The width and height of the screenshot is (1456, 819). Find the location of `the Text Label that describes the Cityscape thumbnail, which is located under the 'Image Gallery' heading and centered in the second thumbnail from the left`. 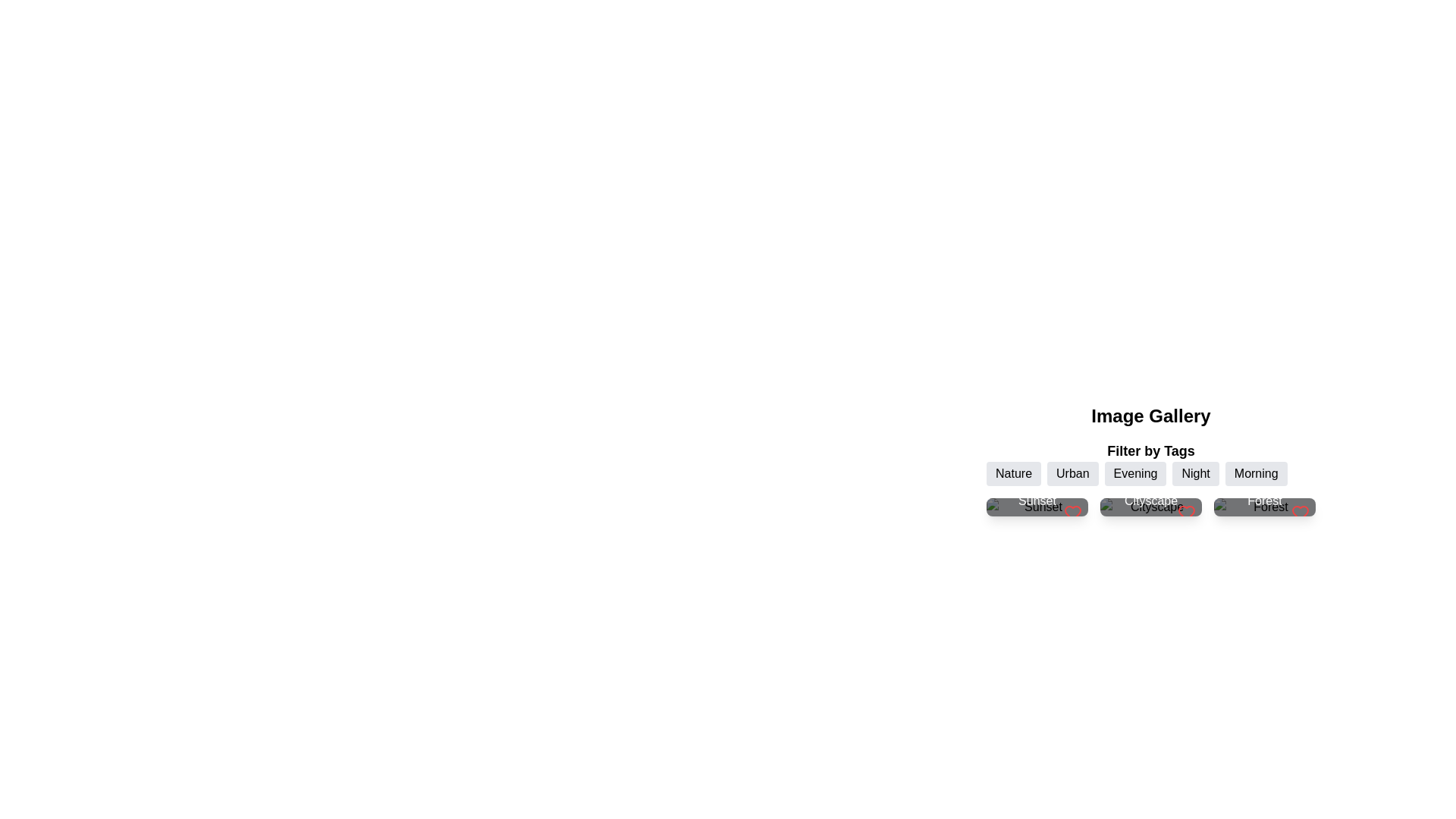

the Text Label that describes the Cityscape thumbnail, which is located under the 'Image Gallery' heading and centered in the second thumbnail from the left is located at coordinates (1150, 500).